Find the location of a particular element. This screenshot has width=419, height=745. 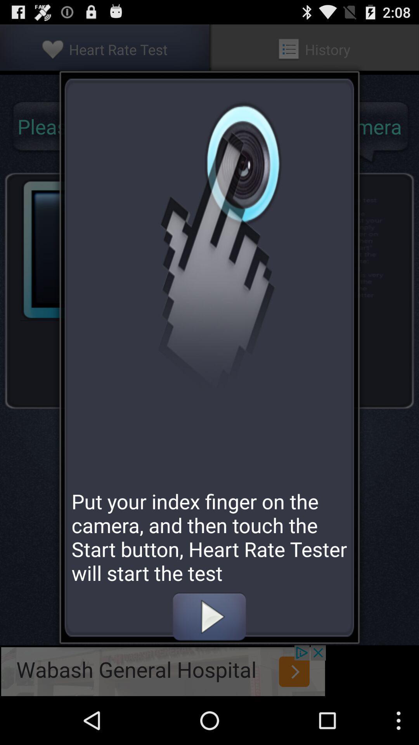

play is located at coordinates (209, 616).